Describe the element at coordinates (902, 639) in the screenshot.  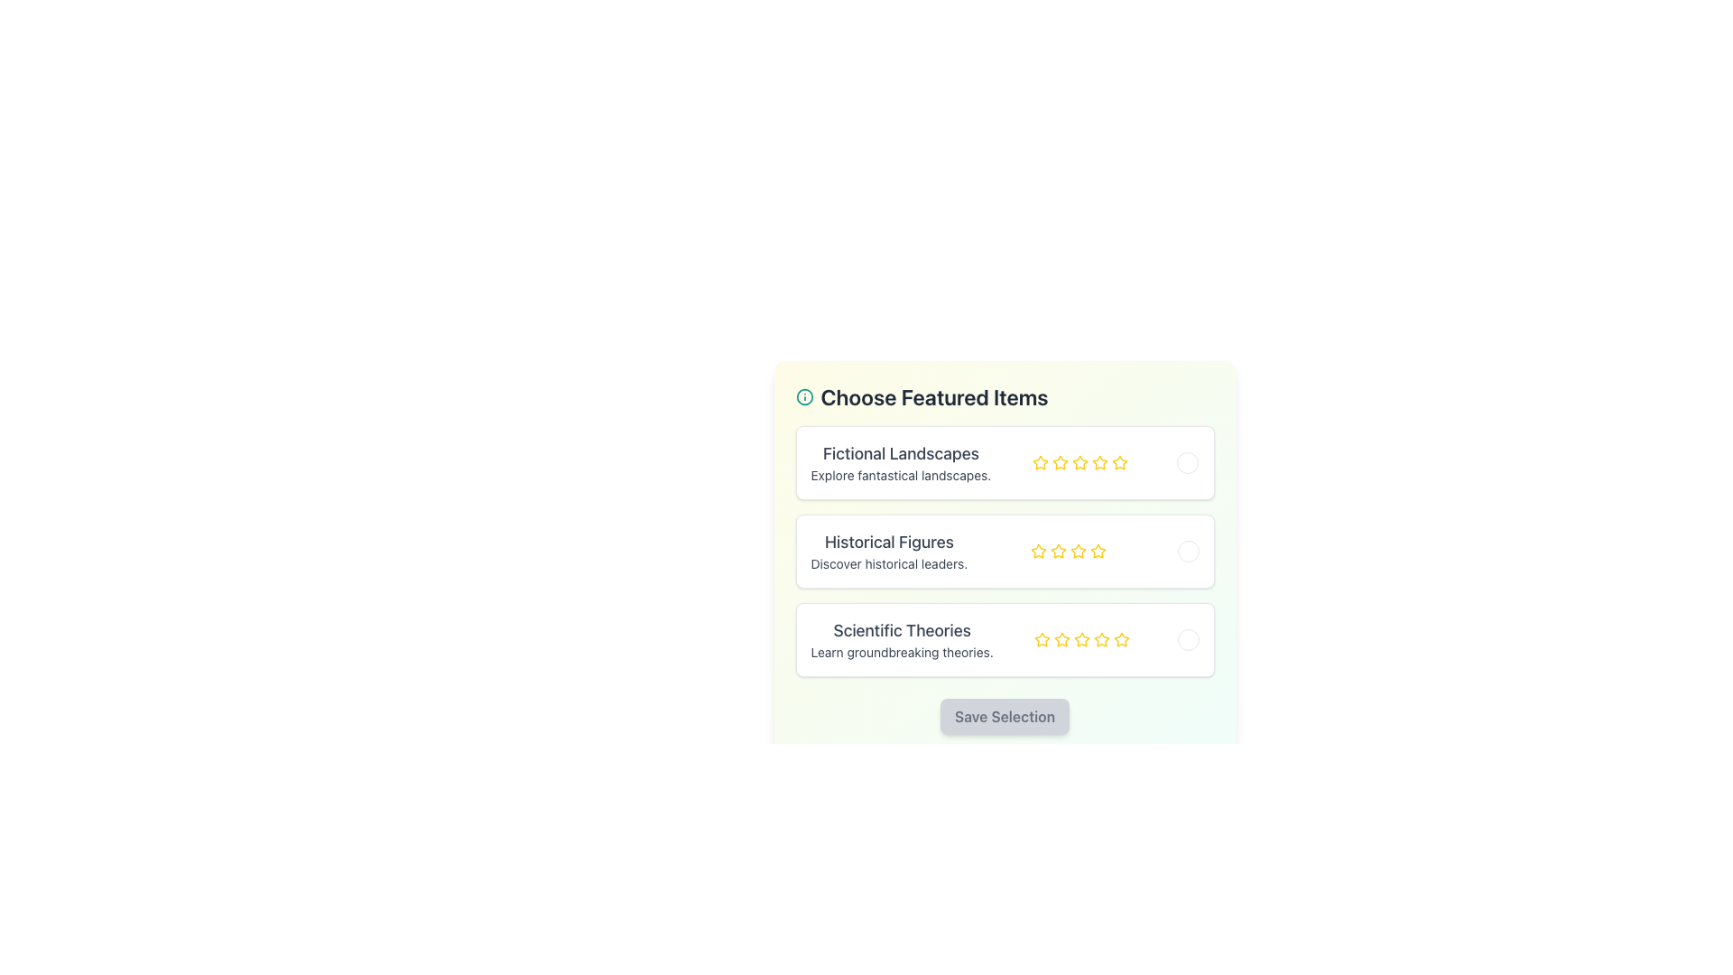
I see `the Text Block containing the title 'Scientific Theories' and the description 'Learn groundbreaking theories.' in the 'Choose Featured Items' section` at that location.